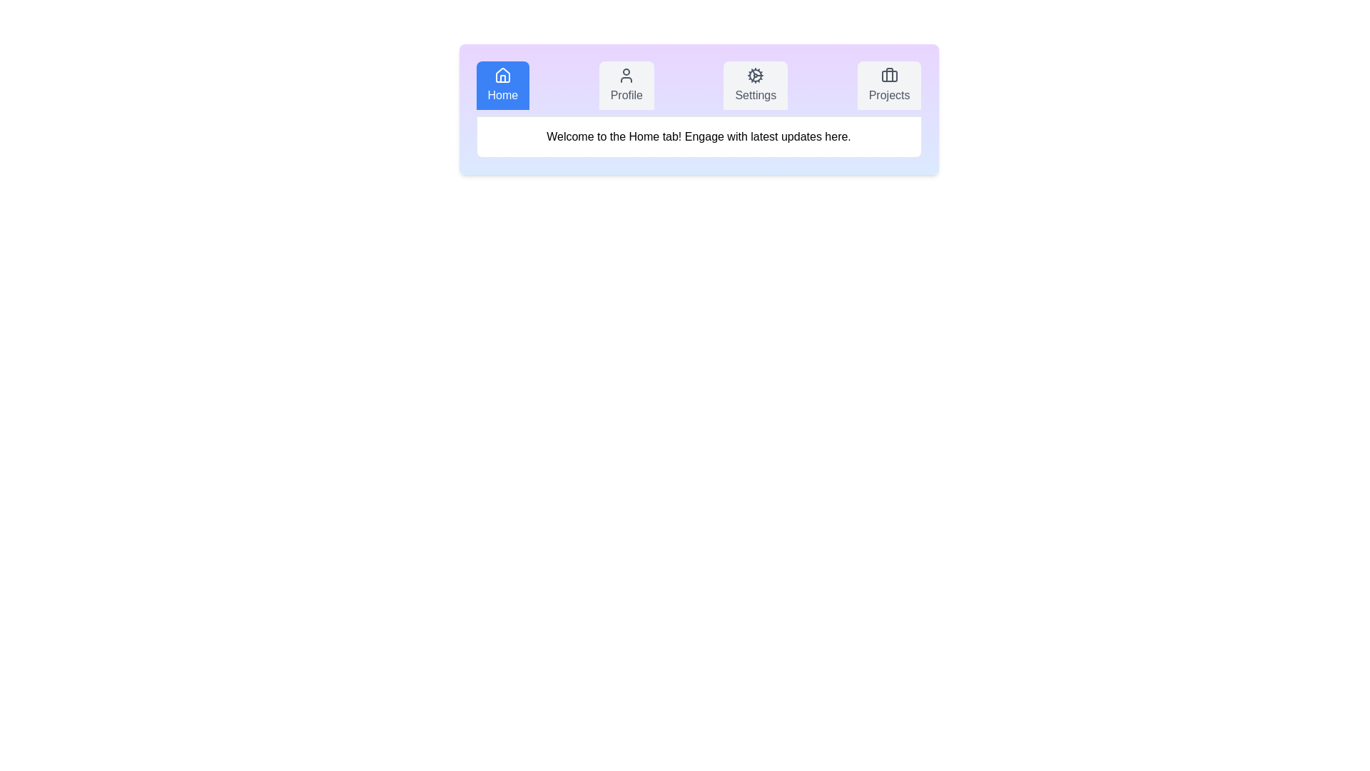 Image resolution: width=1370 pixels, height=771 pixels. What do you see at coordinates (888, 75) in the screenshot?
I see `the briefcase icon within the 'Projects' button on the rightmost side of the navigation bar` at bounding box center [888, 75].